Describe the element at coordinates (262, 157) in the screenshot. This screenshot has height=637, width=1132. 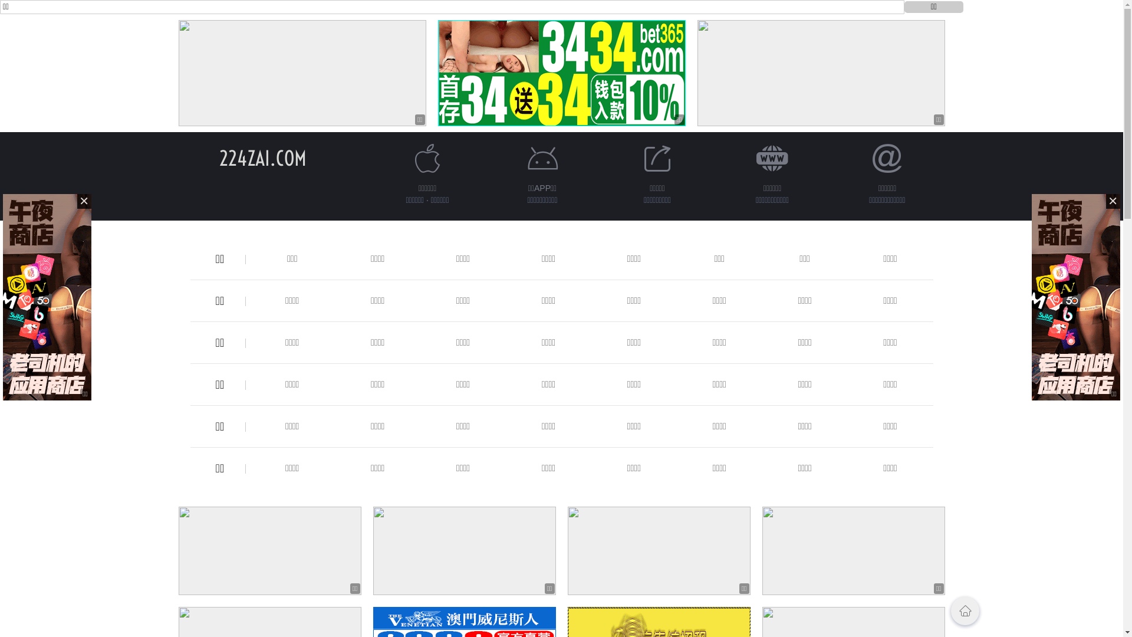
I see `'224ZAI.COM'` at that location.